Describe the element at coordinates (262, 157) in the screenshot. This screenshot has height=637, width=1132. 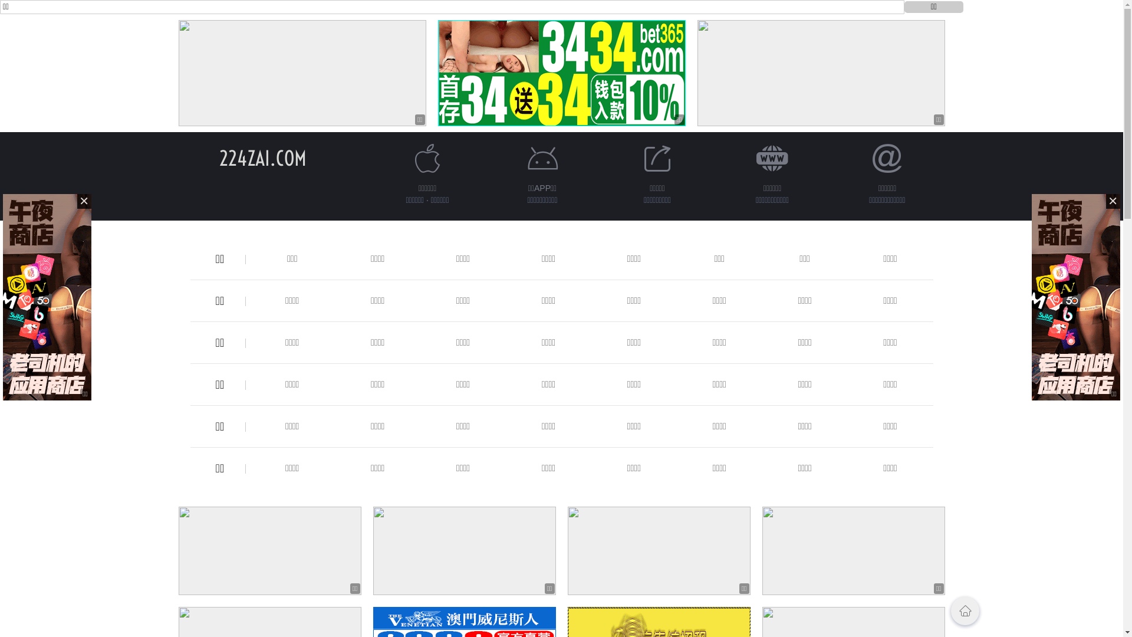
I see `'224ZAI.COM'` at that location.